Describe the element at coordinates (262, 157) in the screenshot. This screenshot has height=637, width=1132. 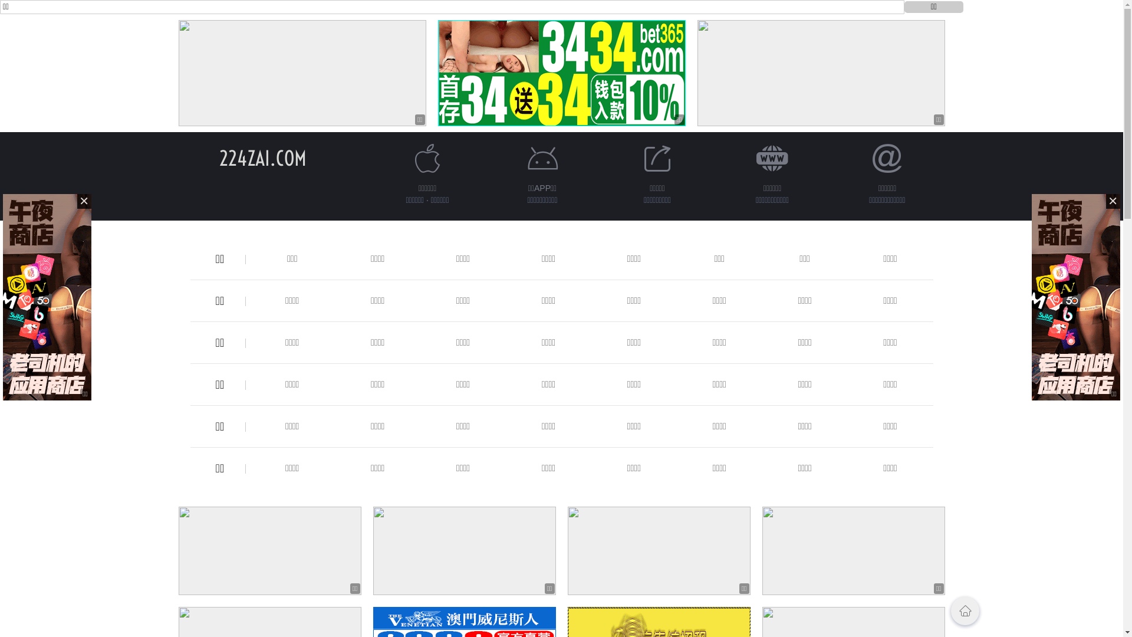
I see `'224ZAI.COM'` at that location.